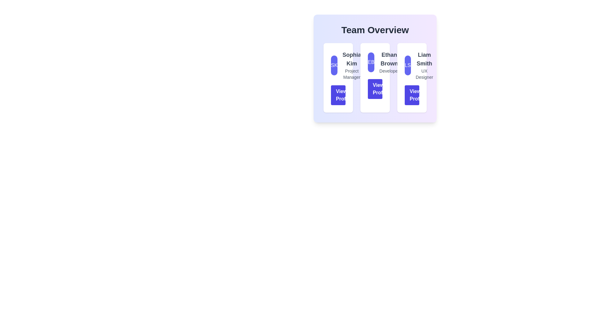 The width and height of the screenshot is (595, 335). What do you see at coordinates (408, 65) in the screenshot?
I see `the circular badge with a purple background and white text displaying the initials 'LS' located in the profile card of 'Liam Smith'` at bounding box center [408, 65].